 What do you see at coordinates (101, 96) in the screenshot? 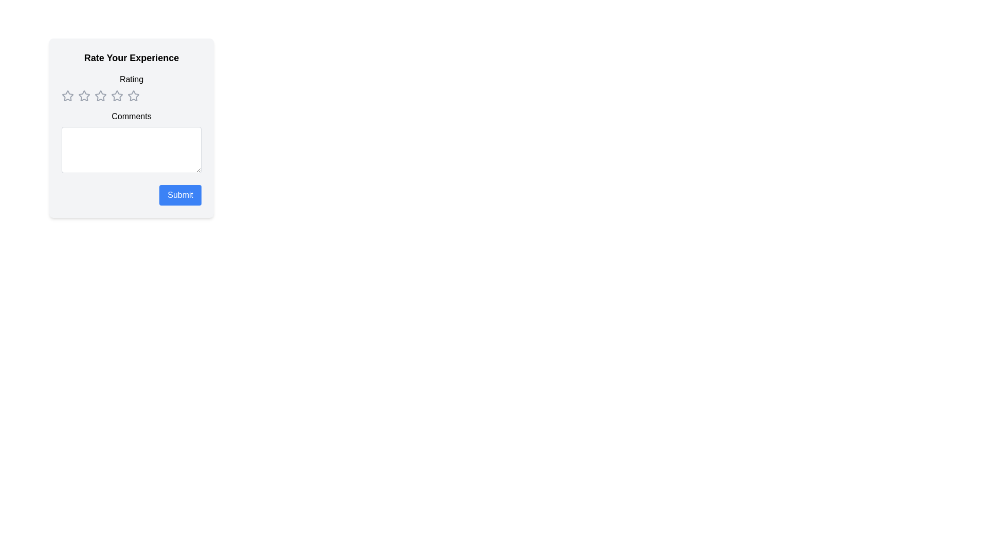
I see `the second star icon in the rating section of the feedback form` at bounding box center [101, 96].